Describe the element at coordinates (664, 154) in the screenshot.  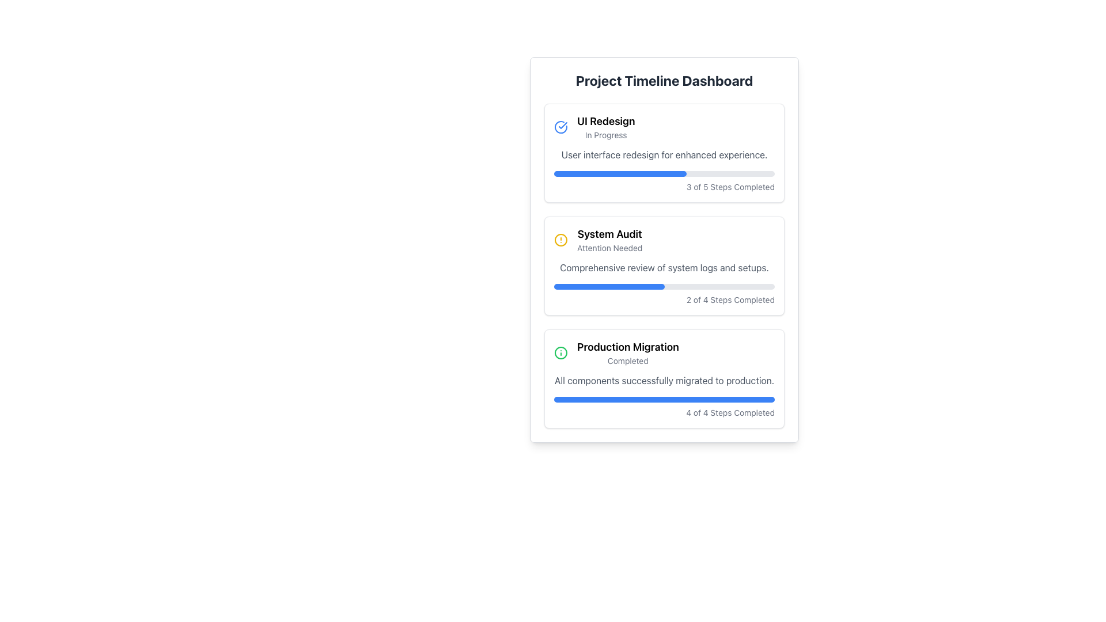
I see `the text label that reads 'User interface redesign for enhanced experience.' located in the Project Timeline Dashboard, positioned below the heading and above the progress bar` at that location.